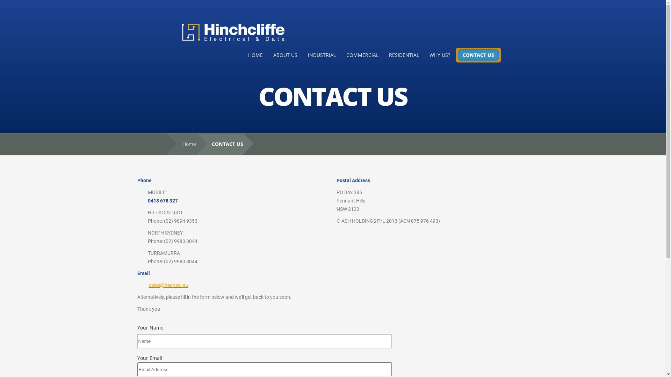  Describe the element at coordinates (458, 55) in the screenshot. I see `'CONTACT US'` at that location.